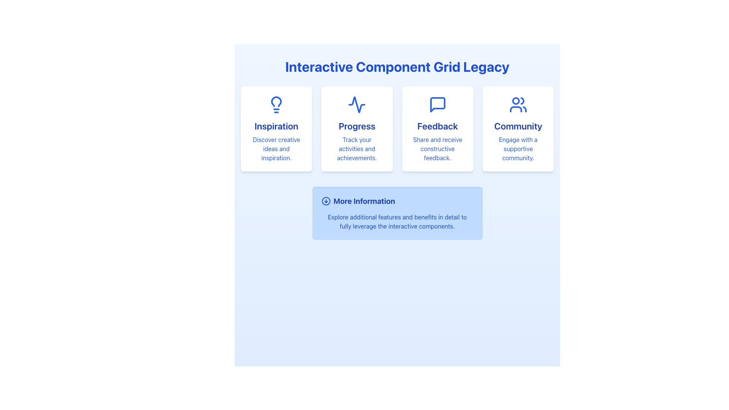 The image size is (729, 410). Describe the element at coordinates (518, 105) in the screenshot. I see `the community icon, which is an SVG image centered at the top of the 'Community' card, the fourth card in a horizontal grid, above the text 'Community' and 'Engage with a supportive community.'` at that location.